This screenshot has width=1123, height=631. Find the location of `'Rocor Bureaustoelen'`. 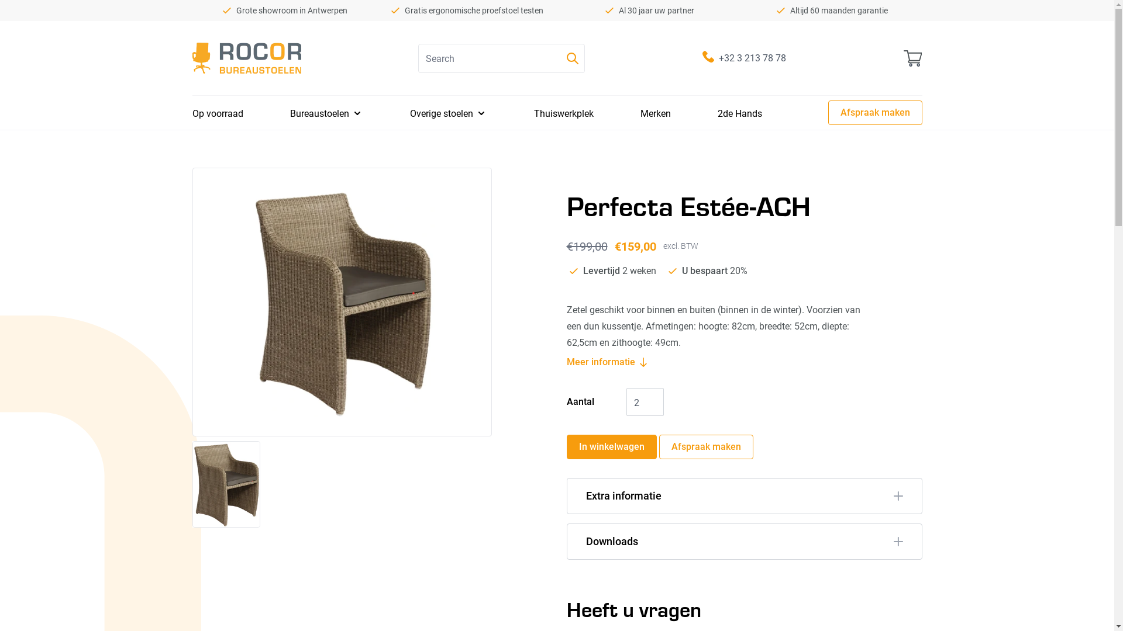

'Rocor Bureaustoelen' is located at coordinates (191, 58).